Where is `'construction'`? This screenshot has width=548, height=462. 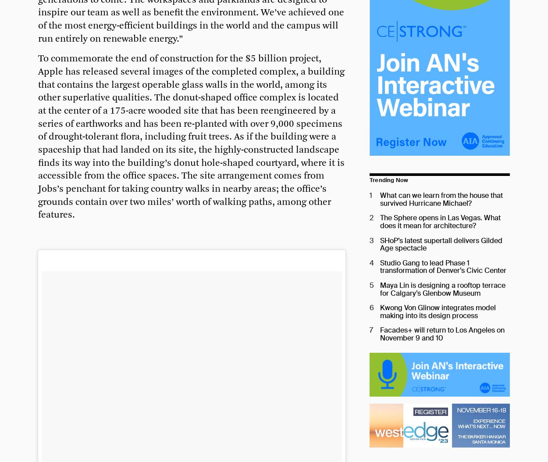
'construction' is located at coordinates (187, 59).